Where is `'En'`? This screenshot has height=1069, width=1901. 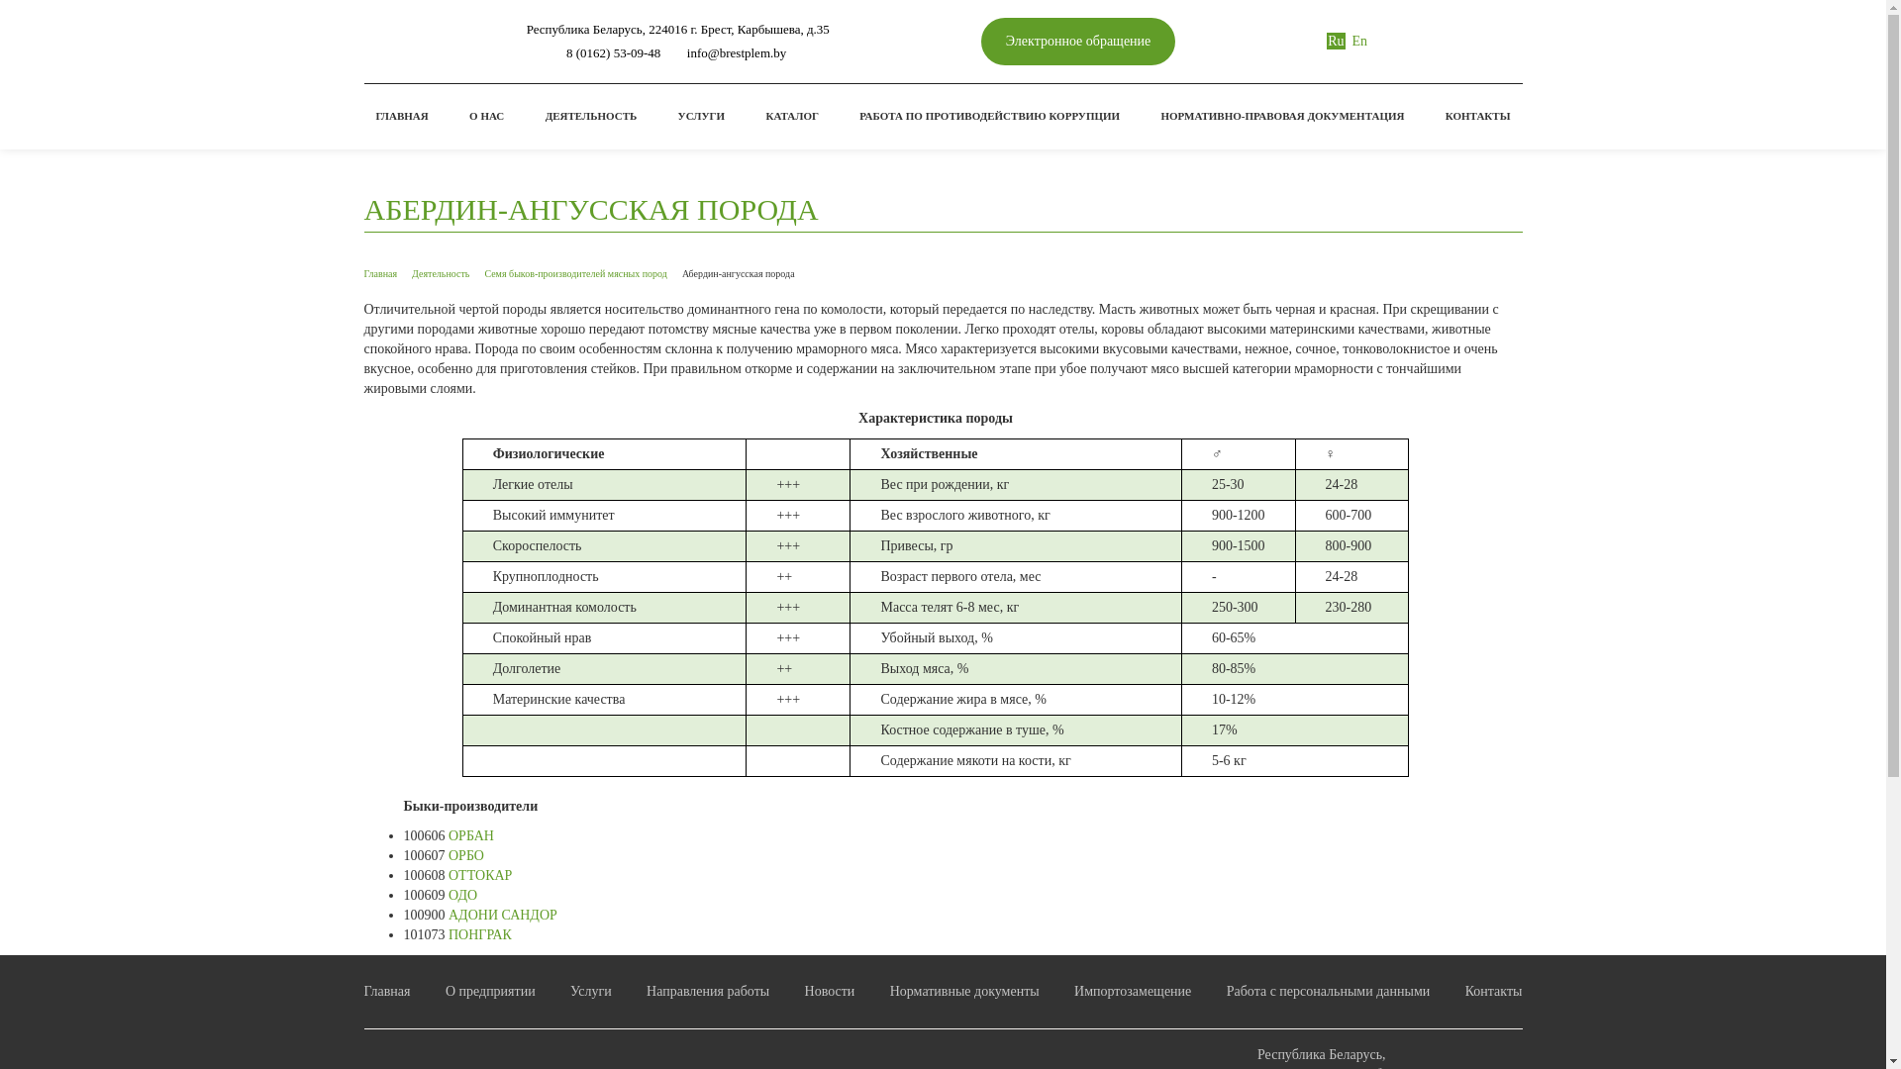 'En' is located at coordinates (1358, 41).